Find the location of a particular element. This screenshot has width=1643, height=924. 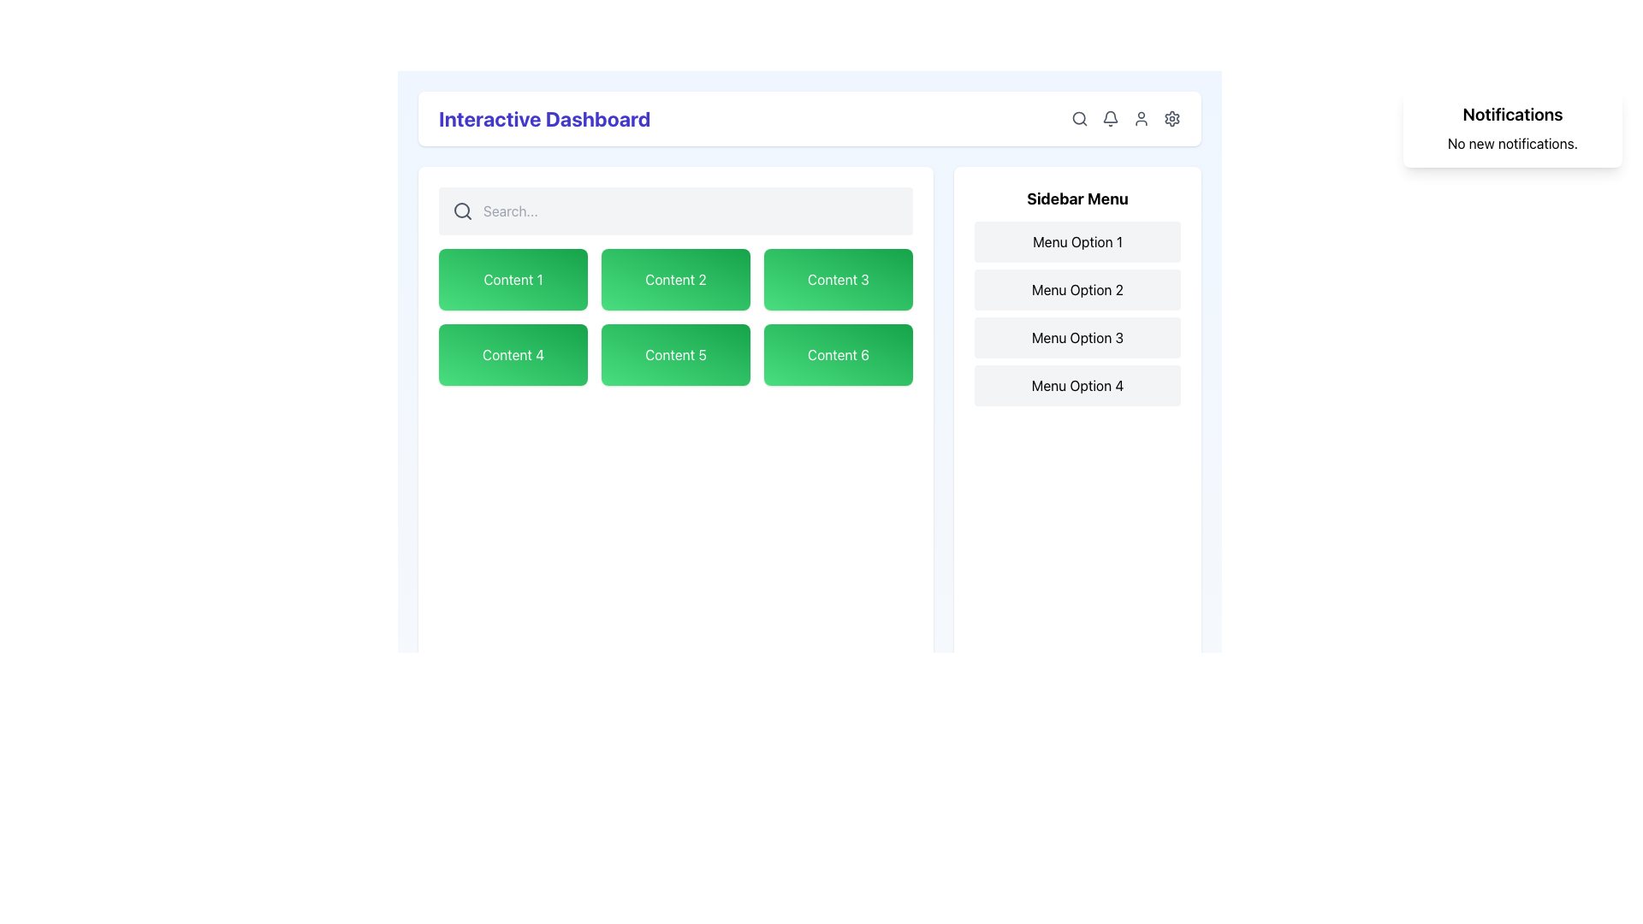

the small gray circular outline icon within the search icon graphic located in the top-right corner of the interface is located at coordinates (461, 210).